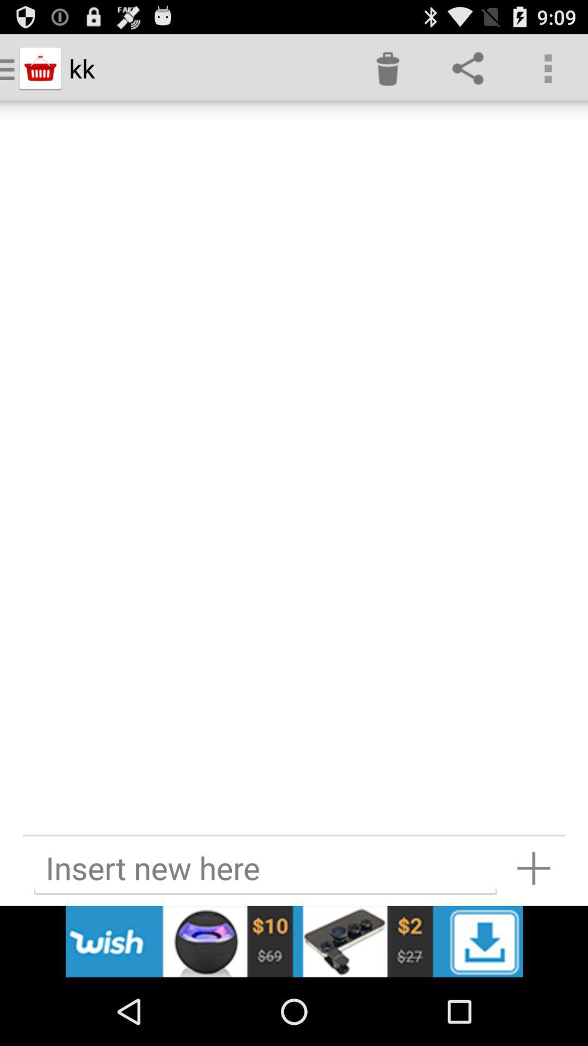 Image resolution: width=588 pixels, height=1046 pixels. Describe the element at coordinates (265, 867) in the screenshot. I see `type box` at that location.